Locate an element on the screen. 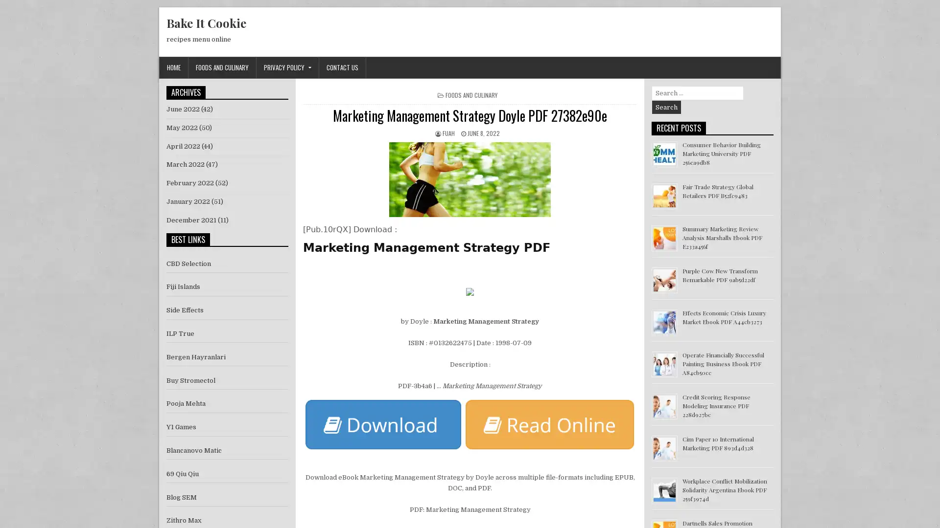  Search is located at coordinates (666, 107).